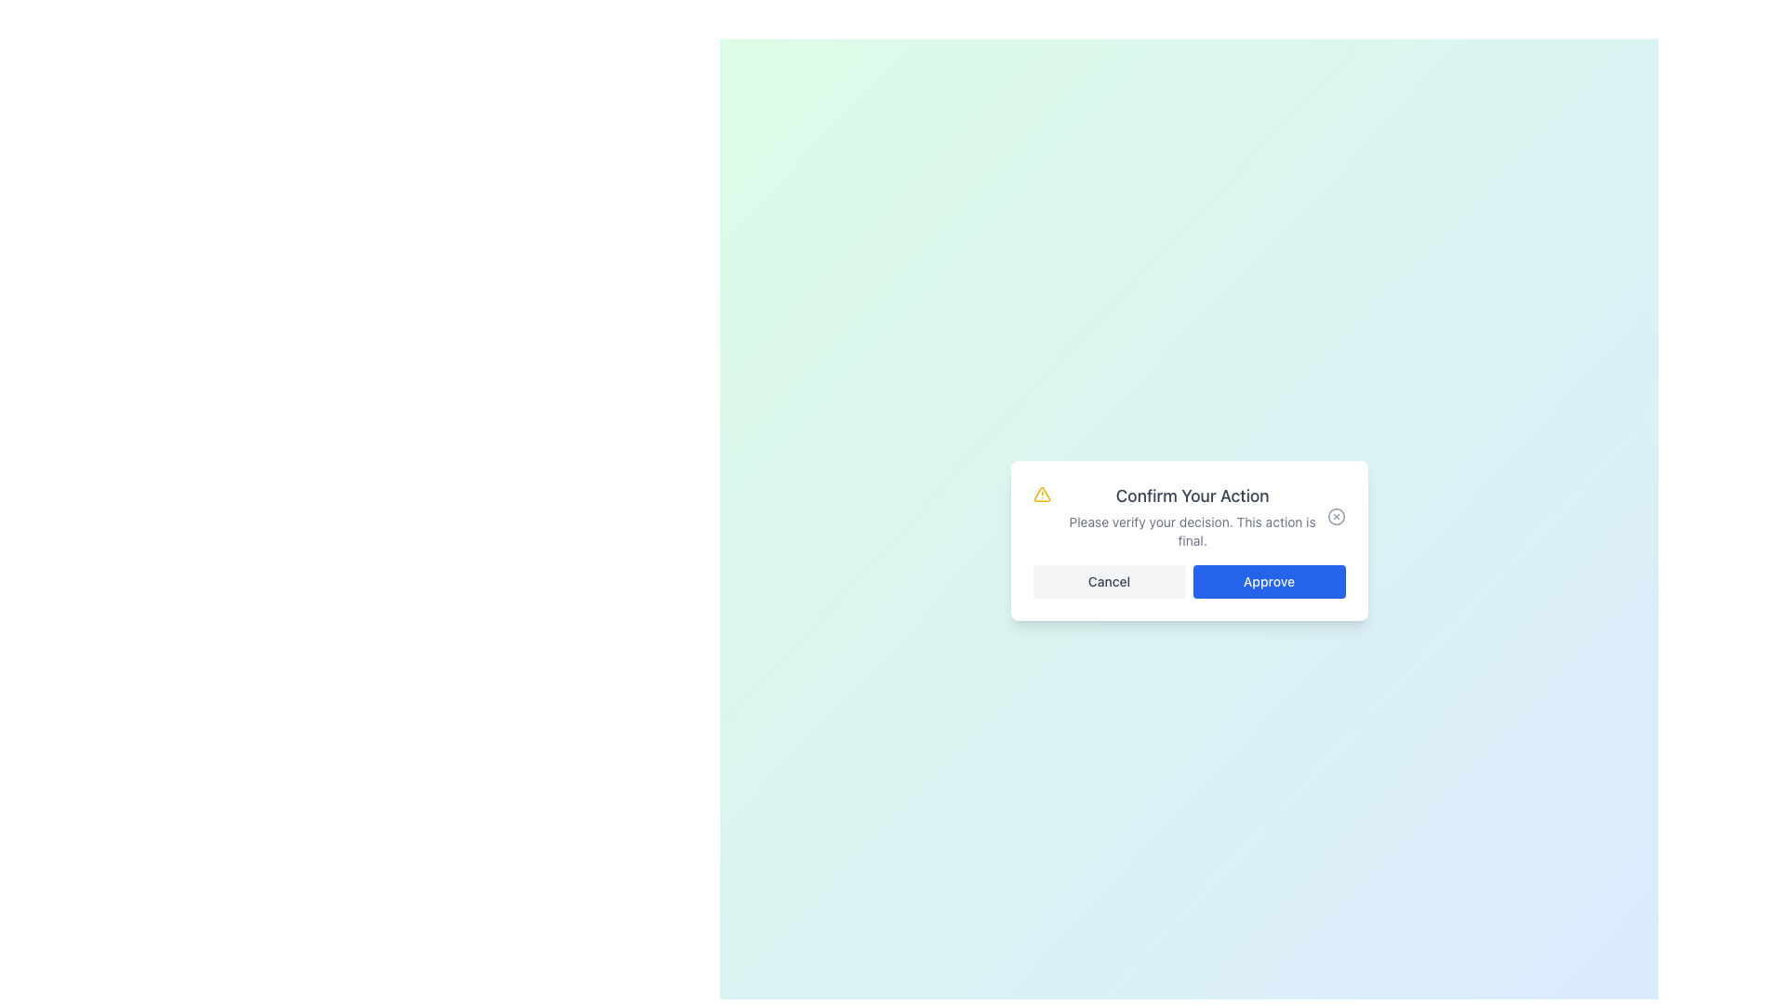 The width and height of the screenshot is (1786, 1004). What do you see at coordinates (1335, 516) in the screenshot?
I see `the close button` at bounding box center [1335, 516].